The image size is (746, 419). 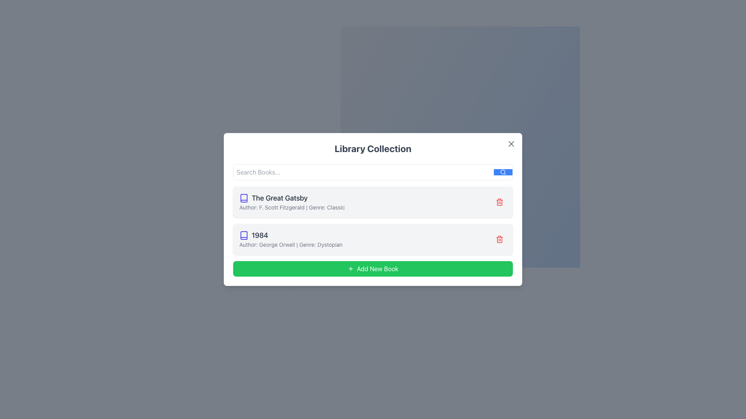 What do you see at coordinates (511, 144) in the screenshot?
I see `the SVG close button icon located at the top-right corner of the dialog box for visual feedback` at bounding box center [511, 144].